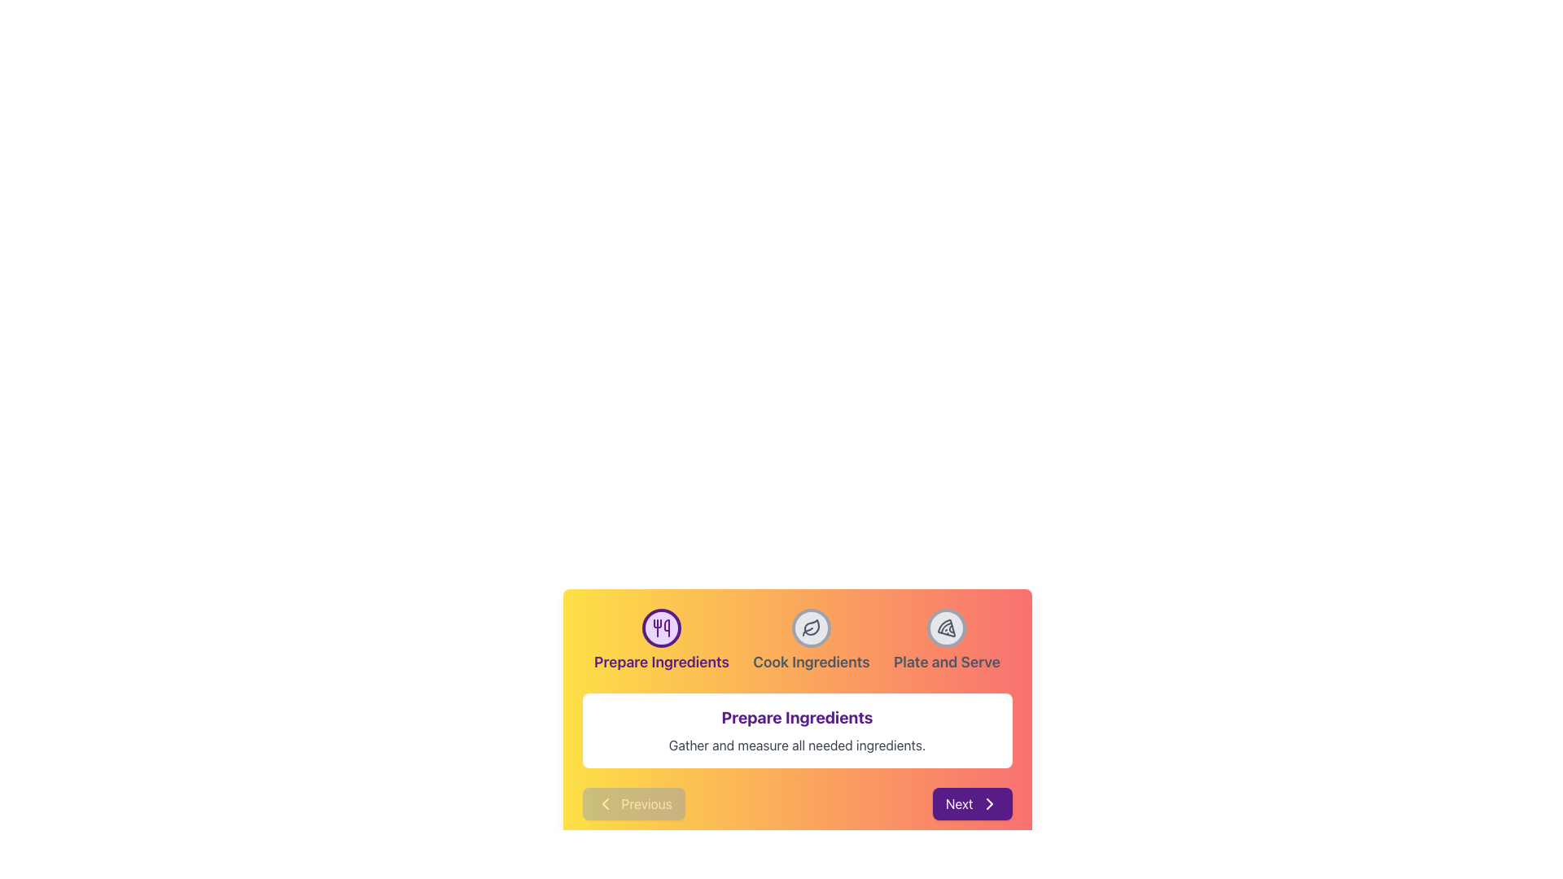  Describe the element at coordinates (604, 802) in the screenshot. I see `within the 'Previous' button that contains the leftward-pointing chevron icon` at that location.